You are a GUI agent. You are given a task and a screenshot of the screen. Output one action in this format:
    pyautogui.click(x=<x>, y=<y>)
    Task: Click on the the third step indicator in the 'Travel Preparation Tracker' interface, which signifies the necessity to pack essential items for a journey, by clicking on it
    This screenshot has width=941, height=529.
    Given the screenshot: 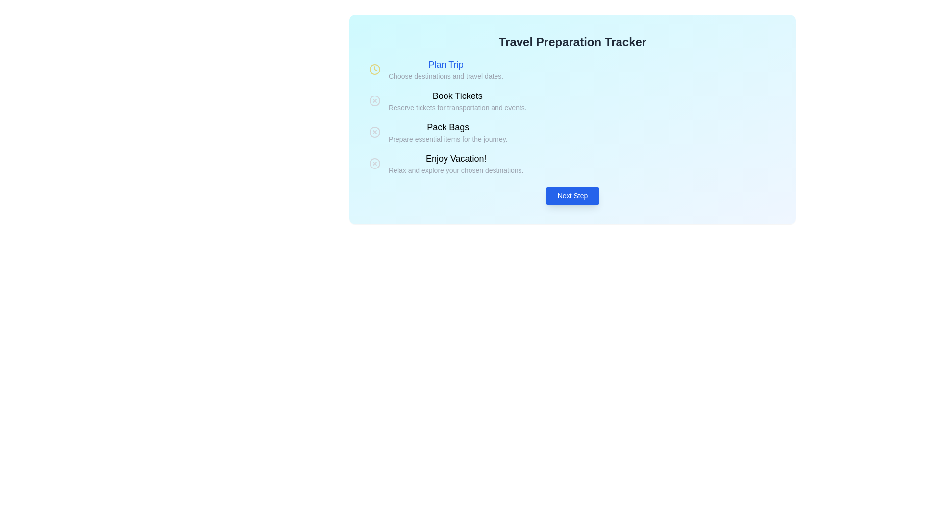 What is the action you would take?
    pyautogui.click(x=572, y=132)
    